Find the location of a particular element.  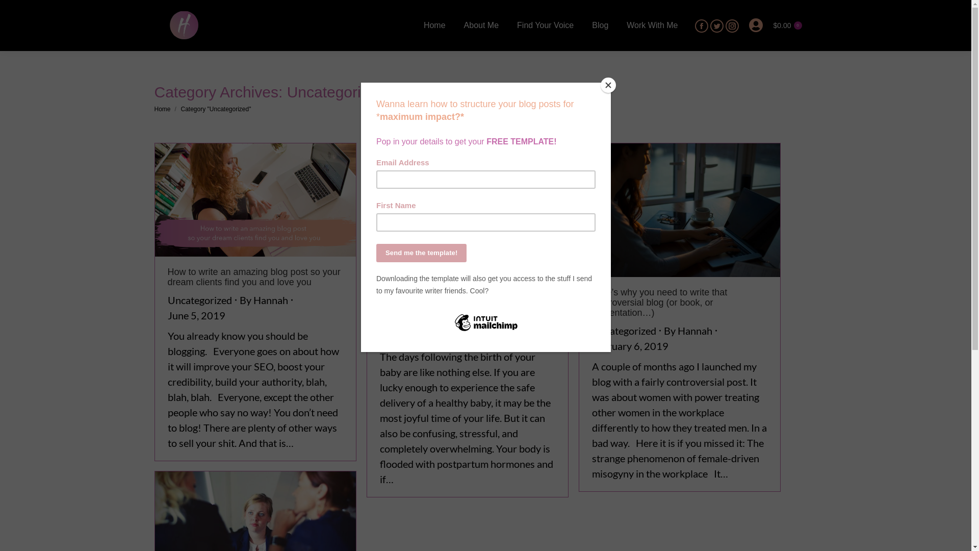

'Facebook page opens in new window' is located at coordinates (694, 25).